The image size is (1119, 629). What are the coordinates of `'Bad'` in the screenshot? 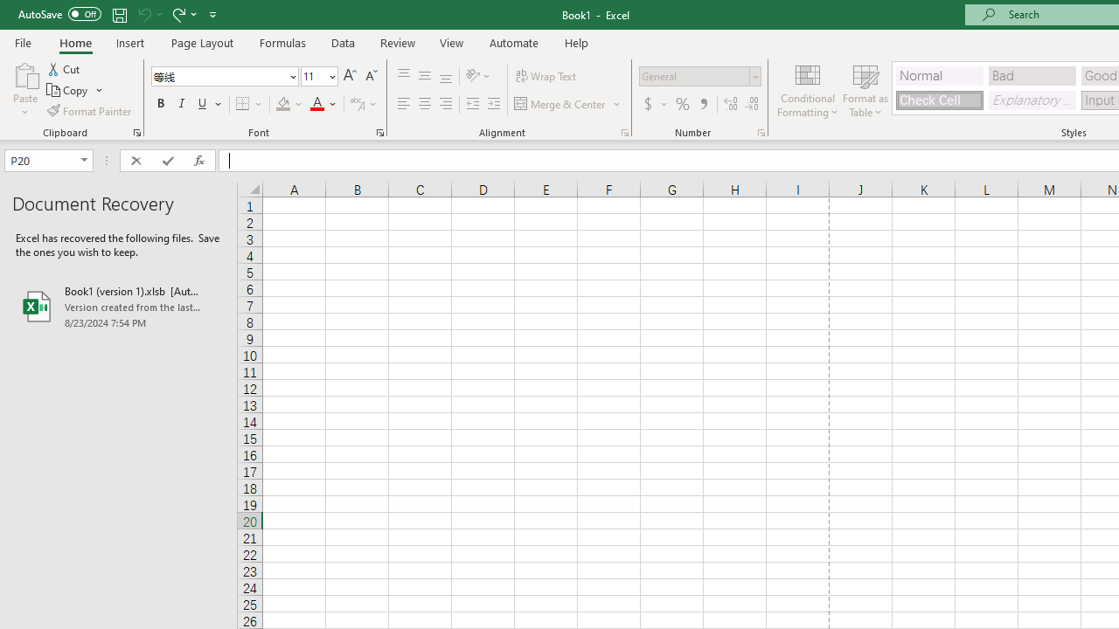 It's located at (1032, 74).